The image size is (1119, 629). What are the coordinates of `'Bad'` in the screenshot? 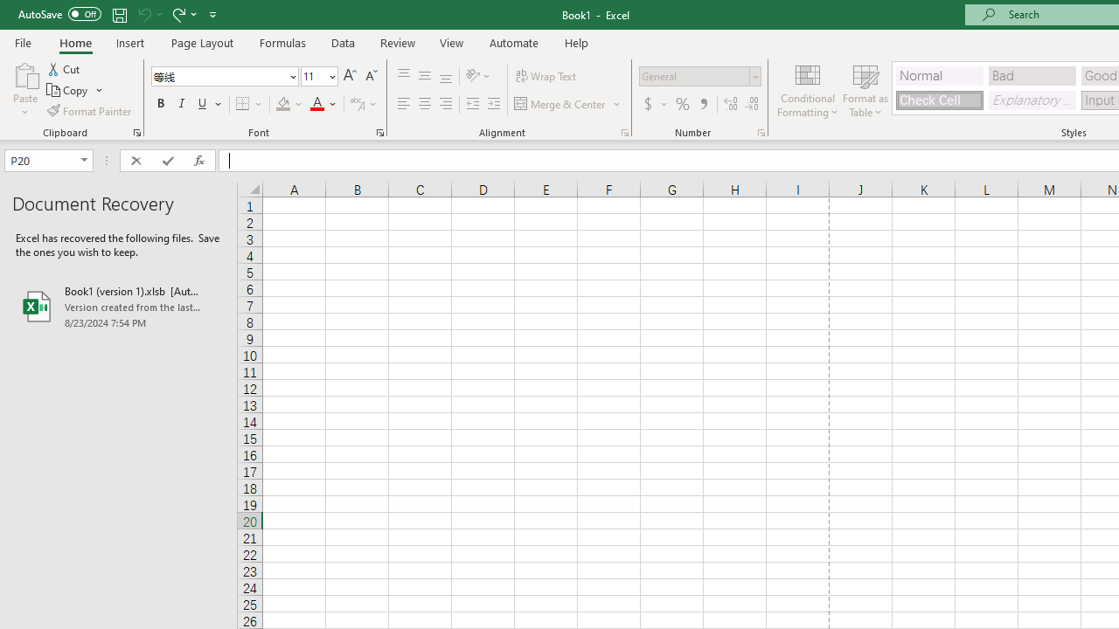 It's located at (1032, 74).